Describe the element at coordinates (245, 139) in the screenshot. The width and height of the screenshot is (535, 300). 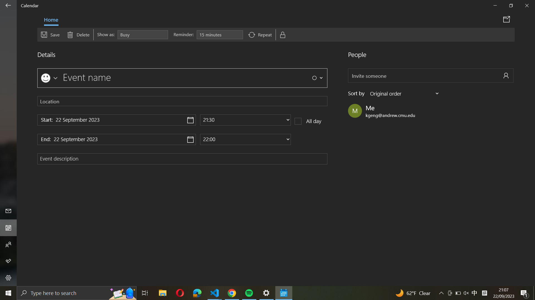
I see `the event"s concluding time as 10:00 AM` at that location.